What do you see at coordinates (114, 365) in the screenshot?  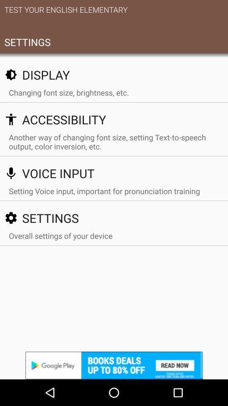 I see `advertisements website` at bounding box center [114, 365].